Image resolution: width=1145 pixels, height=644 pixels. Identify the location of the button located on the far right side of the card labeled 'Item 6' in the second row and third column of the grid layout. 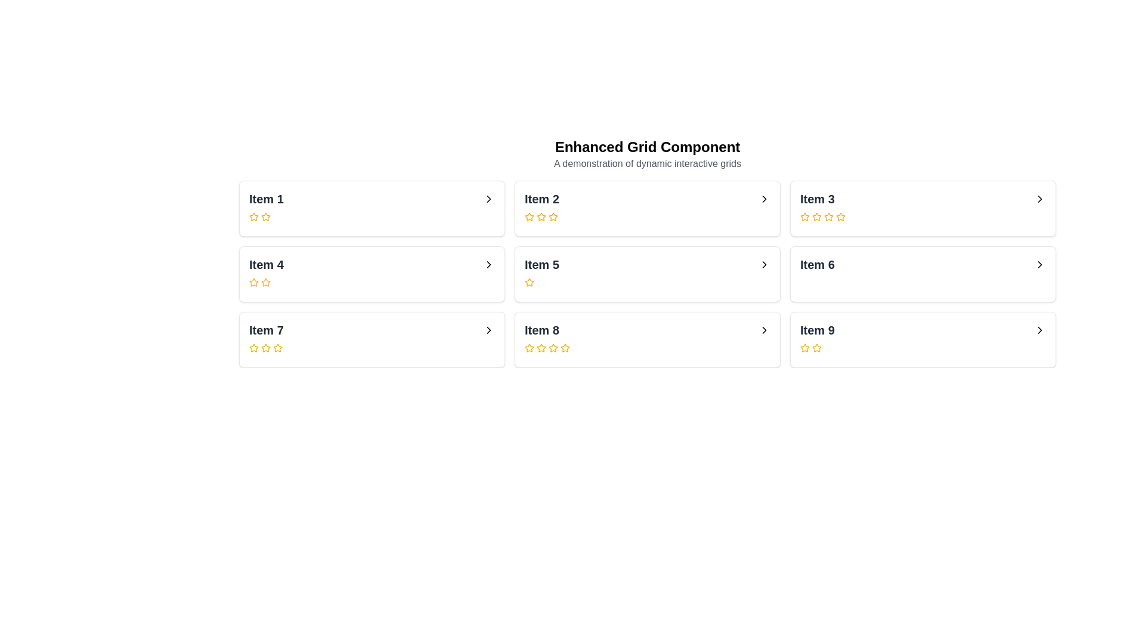
(1039, 264).